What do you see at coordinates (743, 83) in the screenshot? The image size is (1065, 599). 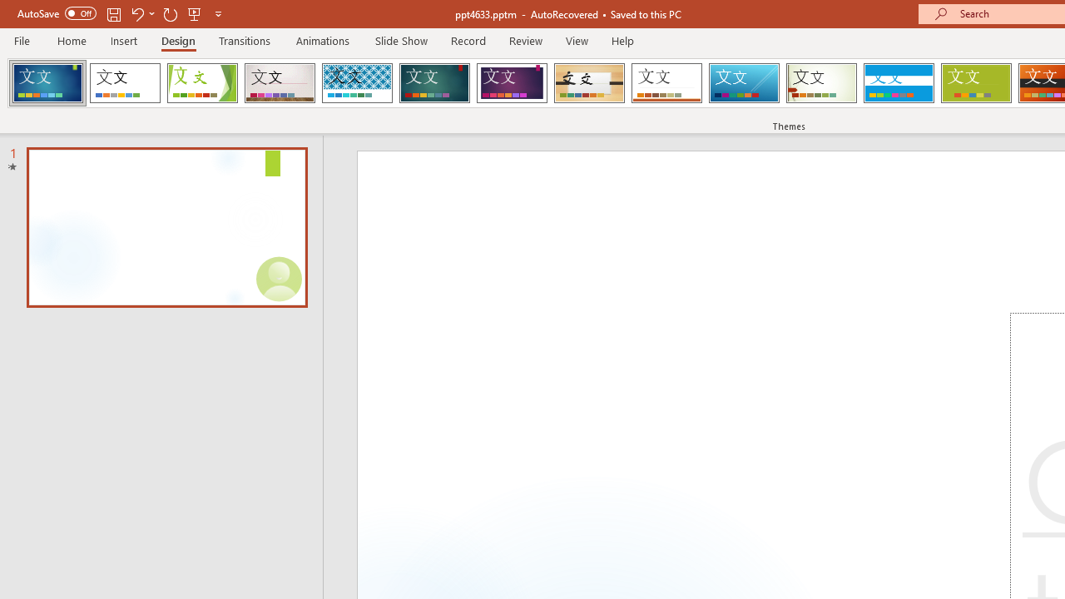 I see `'Slice Loading Preview...'` at bounding box center [743, 83].